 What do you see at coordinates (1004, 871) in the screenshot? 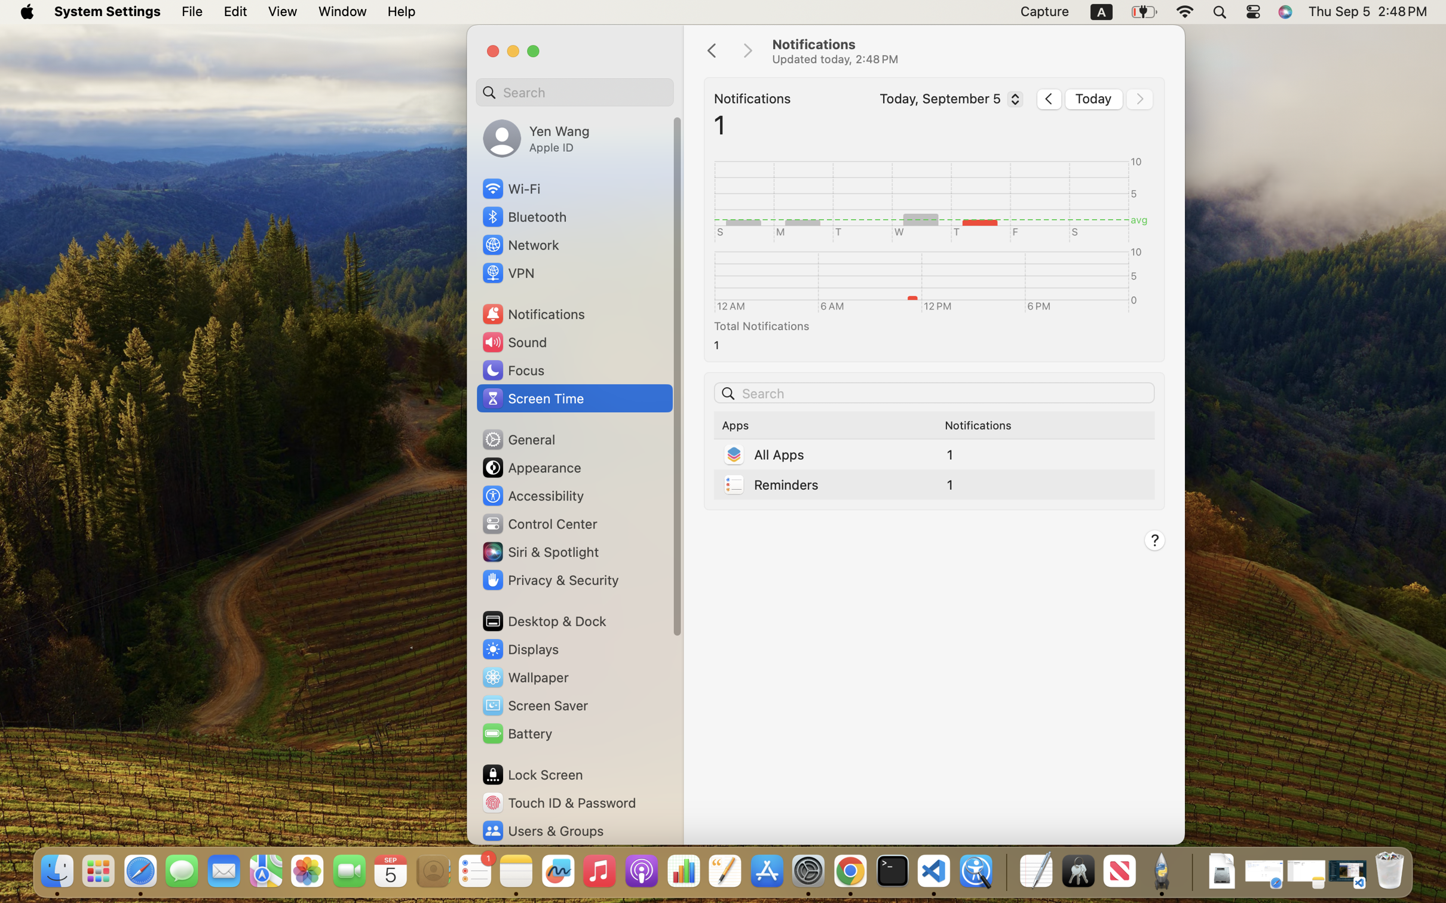
I see `'0.4285714328289032'` at bounding box center [1004, 871].